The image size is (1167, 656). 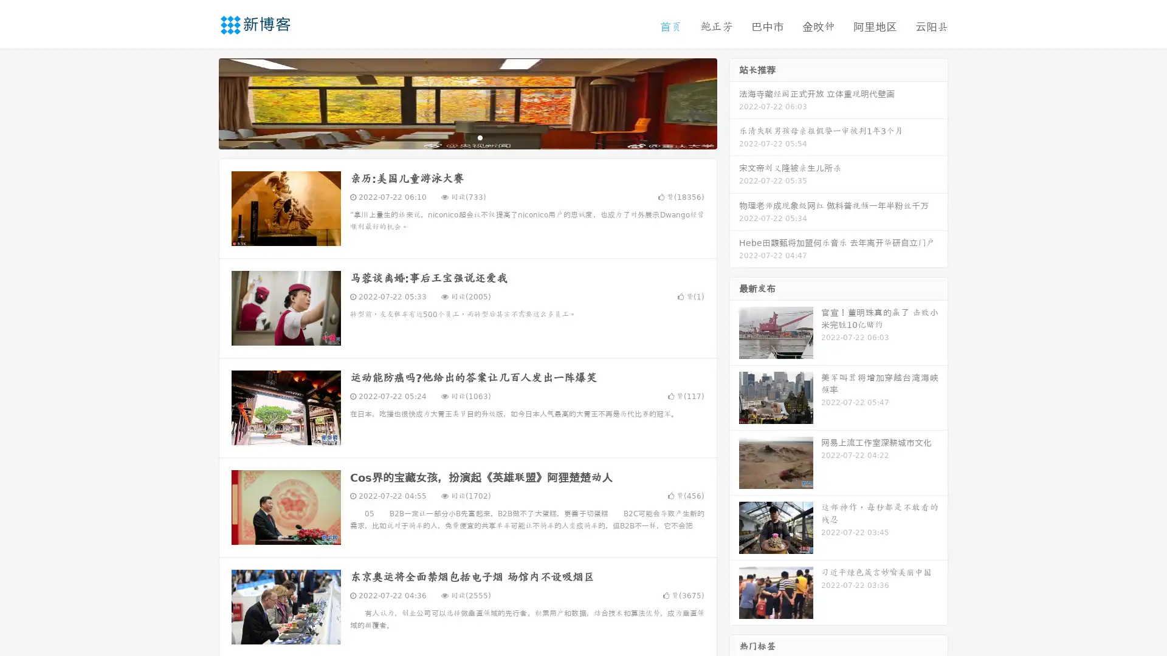 What do you see at coordinates (734, 102) in the screenshot?
I see `Next slide` at bounding box center [734, 102].